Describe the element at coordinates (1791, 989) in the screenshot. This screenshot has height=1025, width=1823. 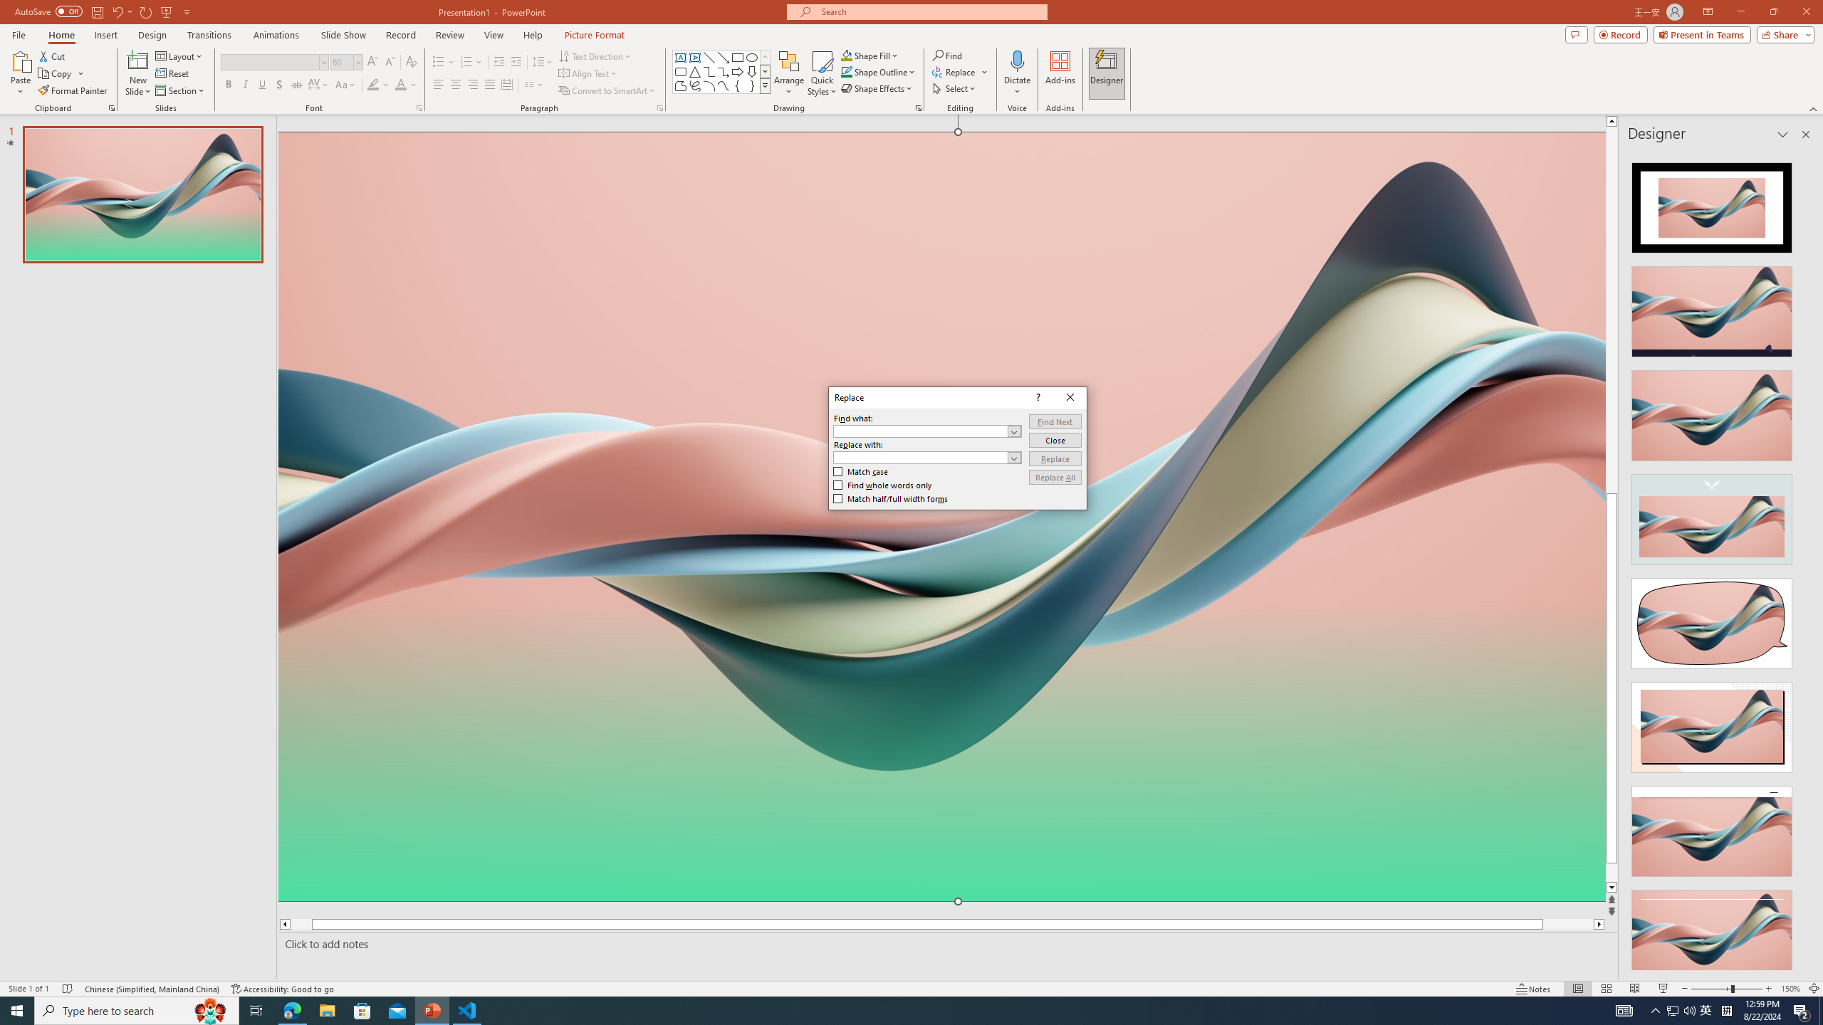
I see `'Zoom 150%'` at that location.